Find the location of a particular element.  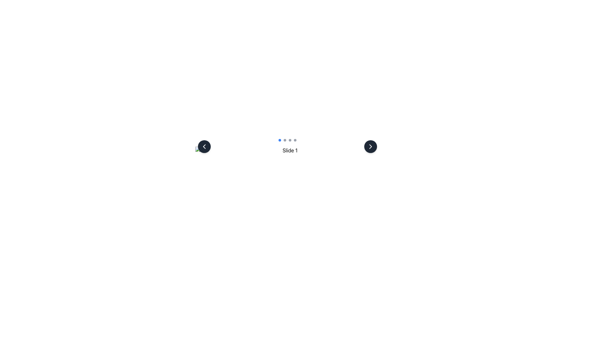

the left navigation button in the carousel control is located at coordinates (204, 147).